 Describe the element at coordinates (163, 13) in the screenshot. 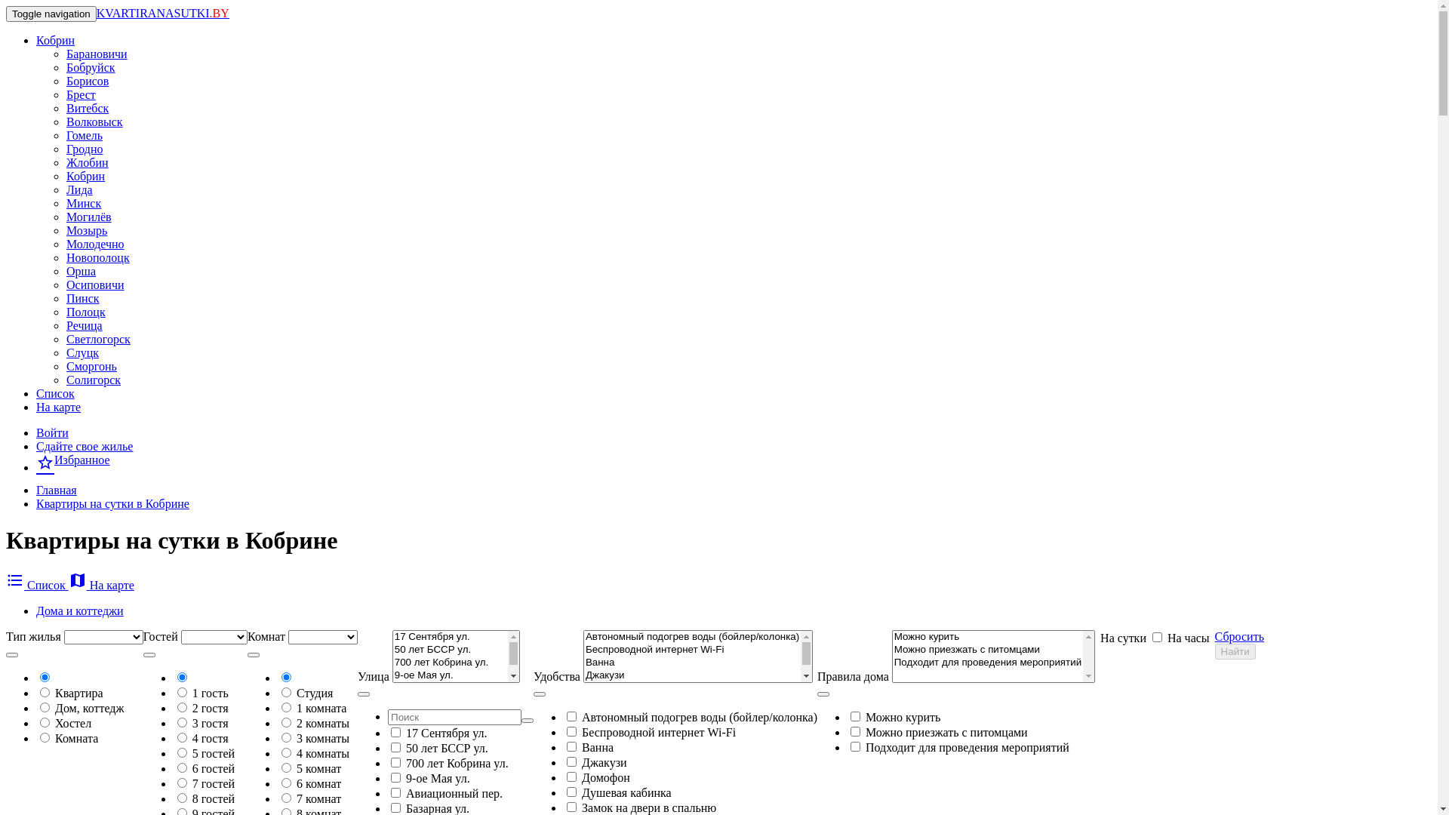

I see `'KVARTIRANASUTKI.BY'` at that location.